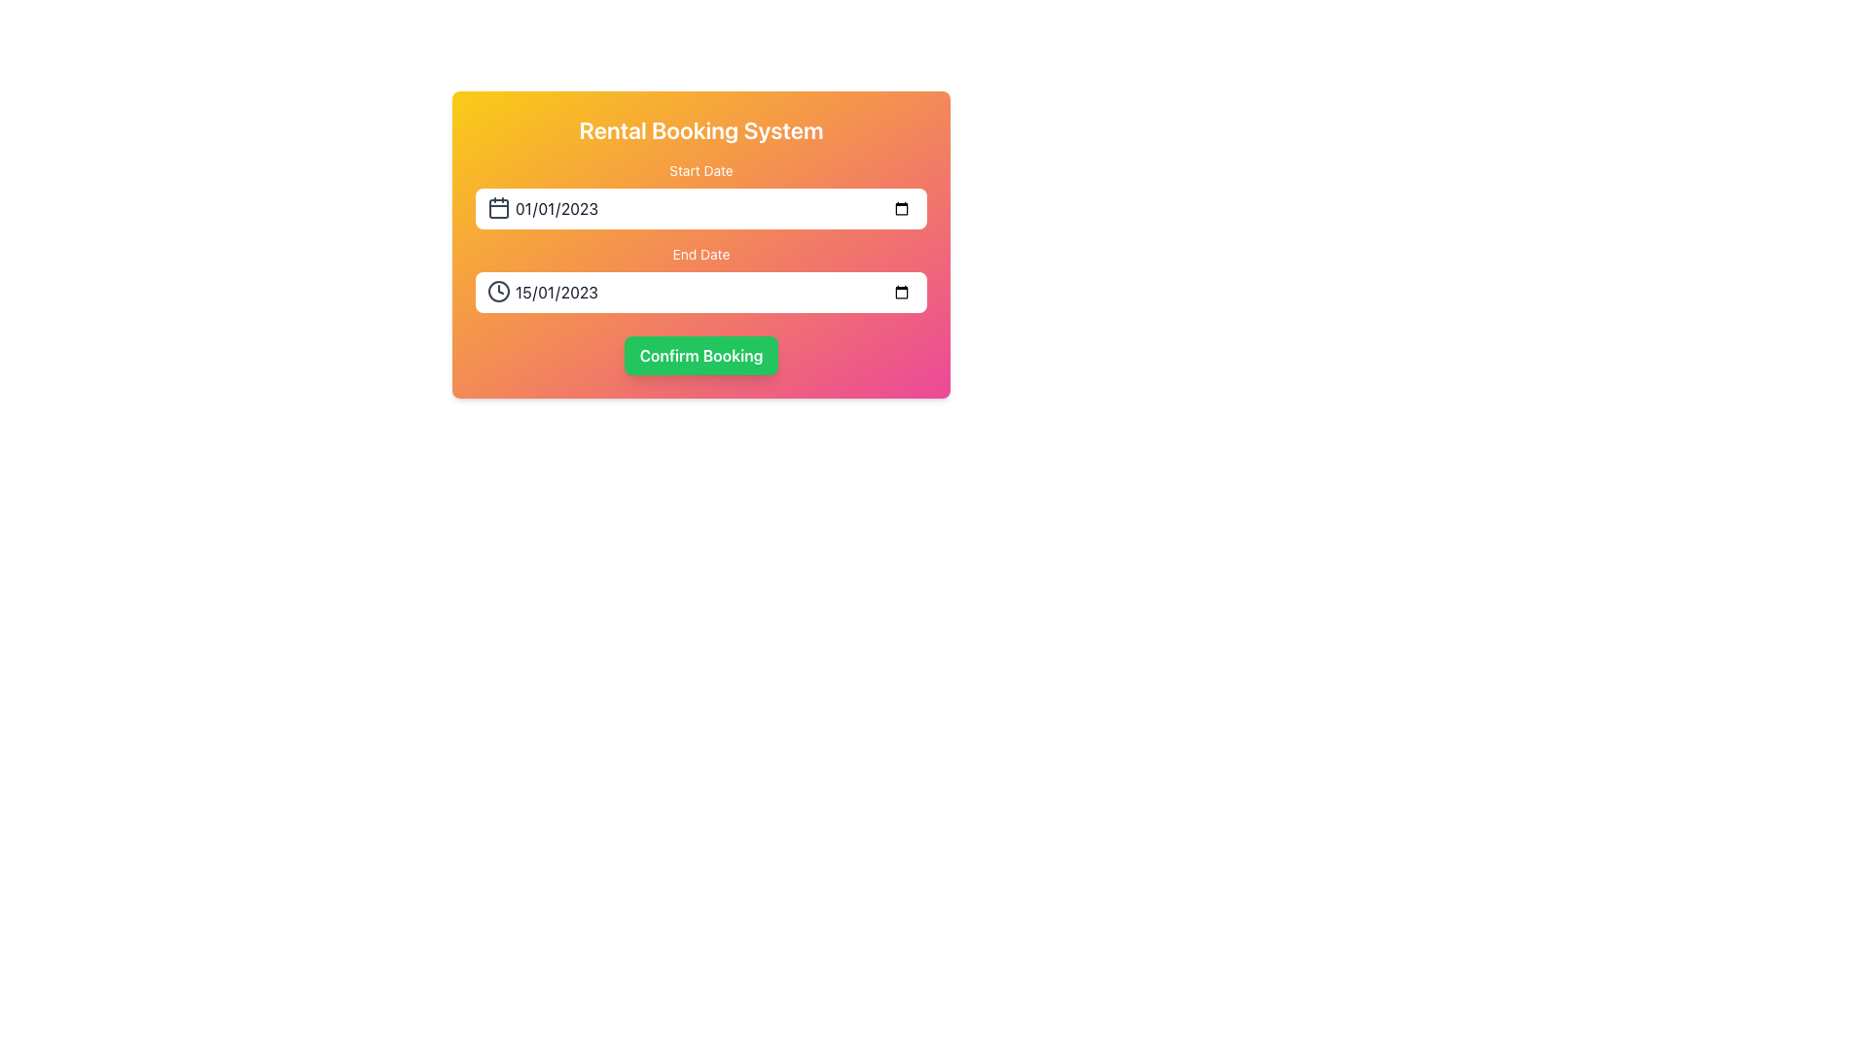 The height and width of the screenshot is (1050, 1868). Describe the element at coordinates (499, 292) in the screenshot. I see `the clock icon located at the very left inside the 'End Date' input field of the second date selection row, which indicates a time-selection feature` at that location.